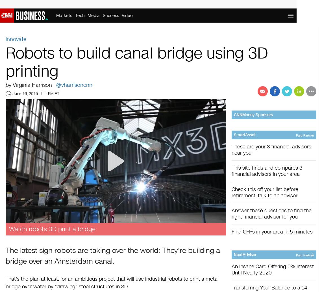  What do you see at coordinates (93, 15) in the screenshot?
I see `'Media'` at bounding box center [93, 15].